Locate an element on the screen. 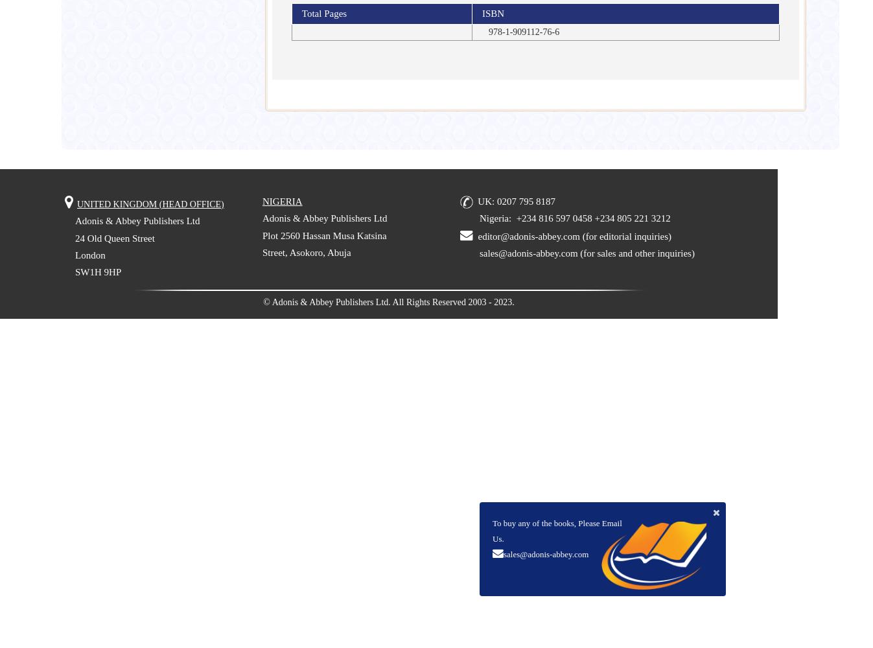  'London' is located at coordinates (89, 255).